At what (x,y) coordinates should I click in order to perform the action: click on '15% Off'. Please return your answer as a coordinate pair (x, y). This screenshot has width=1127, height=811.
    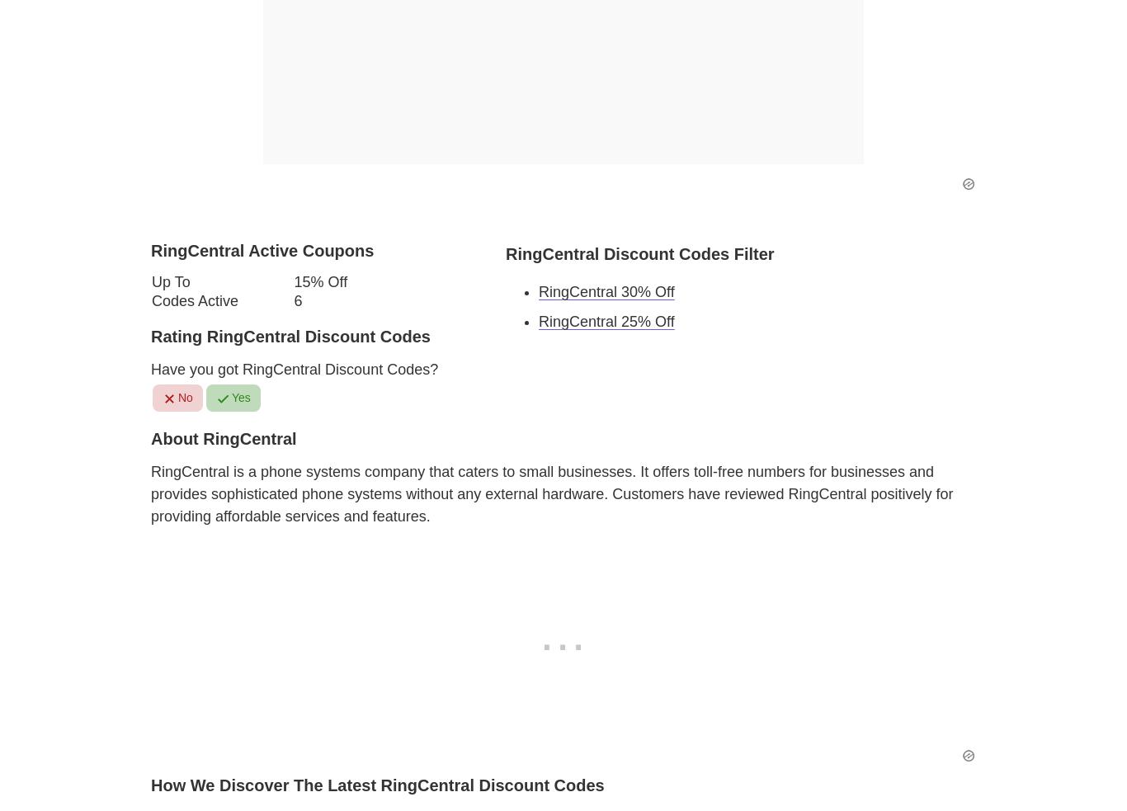
    Looking at the image, I should click on (319, 281).